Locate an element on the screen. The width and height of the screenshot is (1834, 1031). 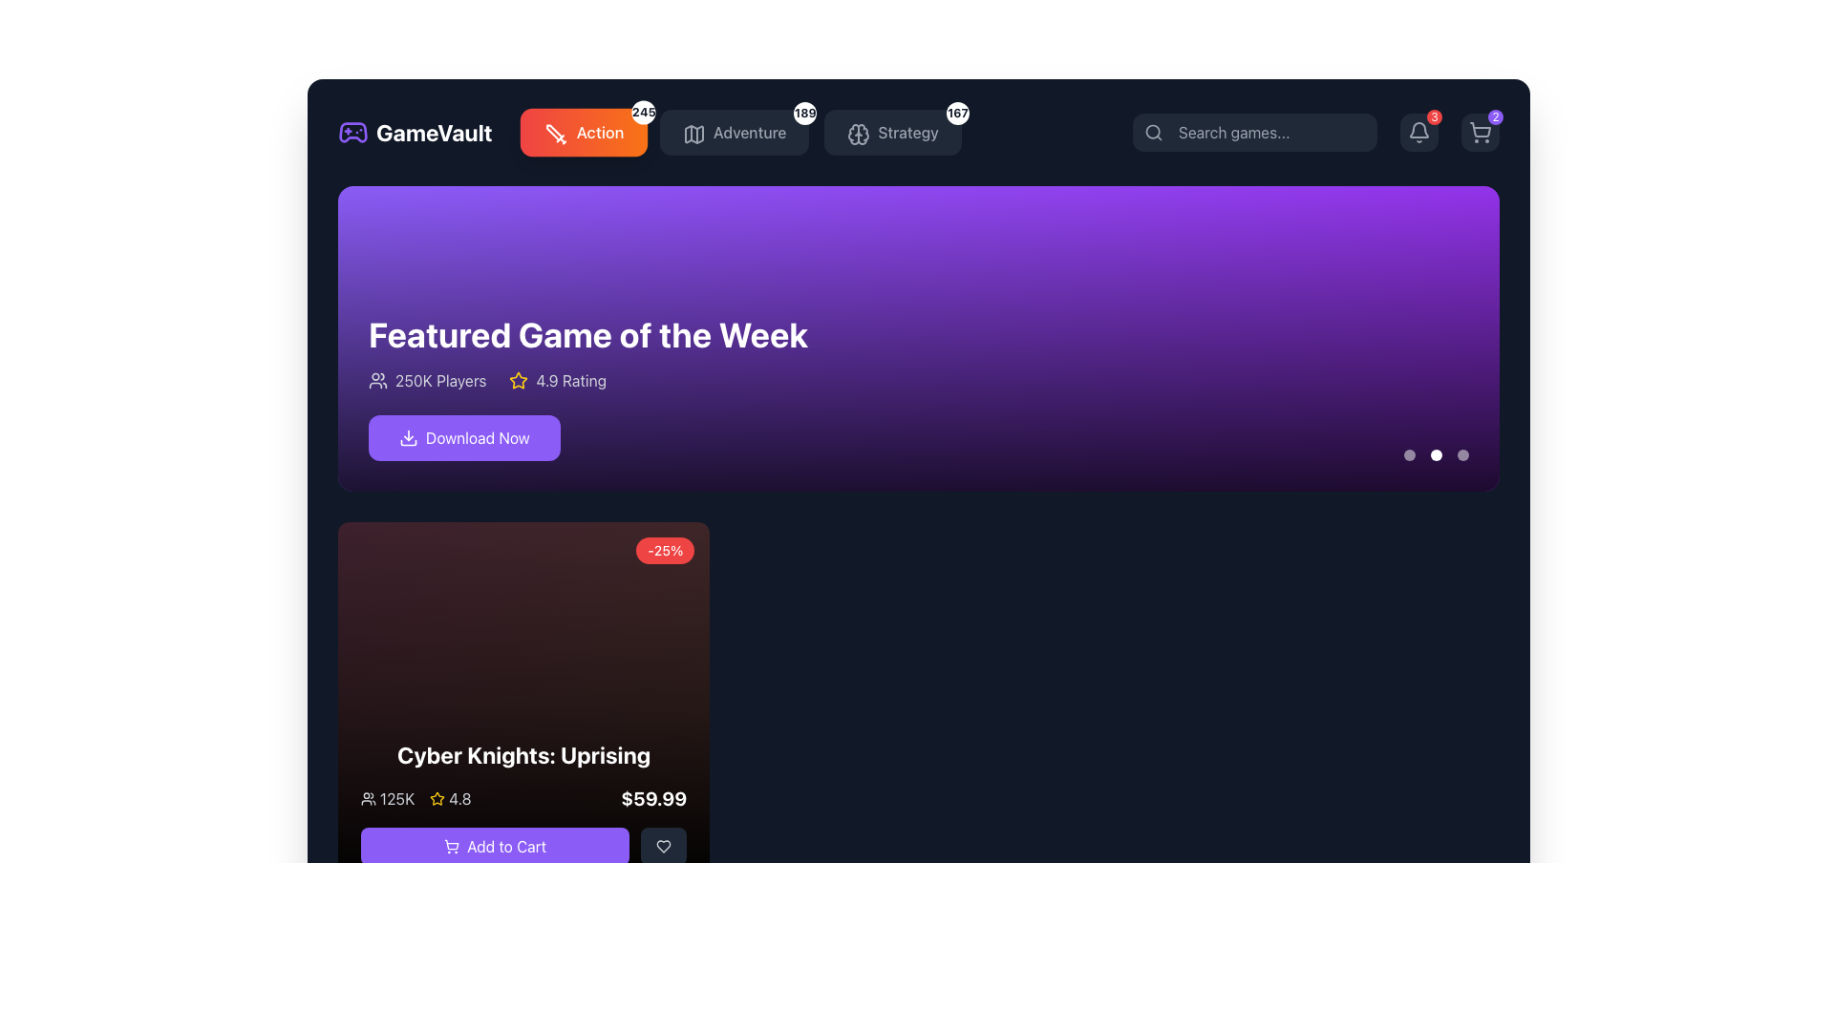
the shopping cart icon located inside the violet 'Add to Cart' button for the 'Cyber Knights: Uprising' game item is located at coordinates (451, 846).